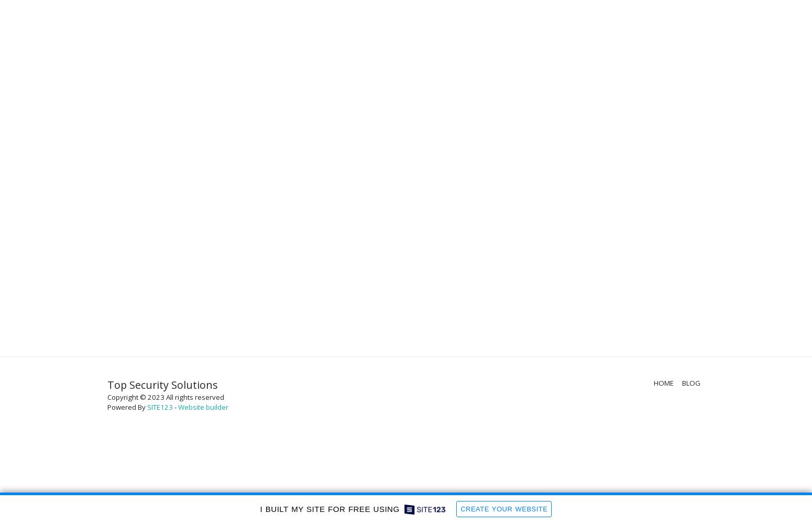 This screenshot has width=812, height=524. What do you see at coordinates (328, 508) in the screenshot?
I see `'I BUILT MY SITE FOR FREE USING'` at bounding box center [328, 508].